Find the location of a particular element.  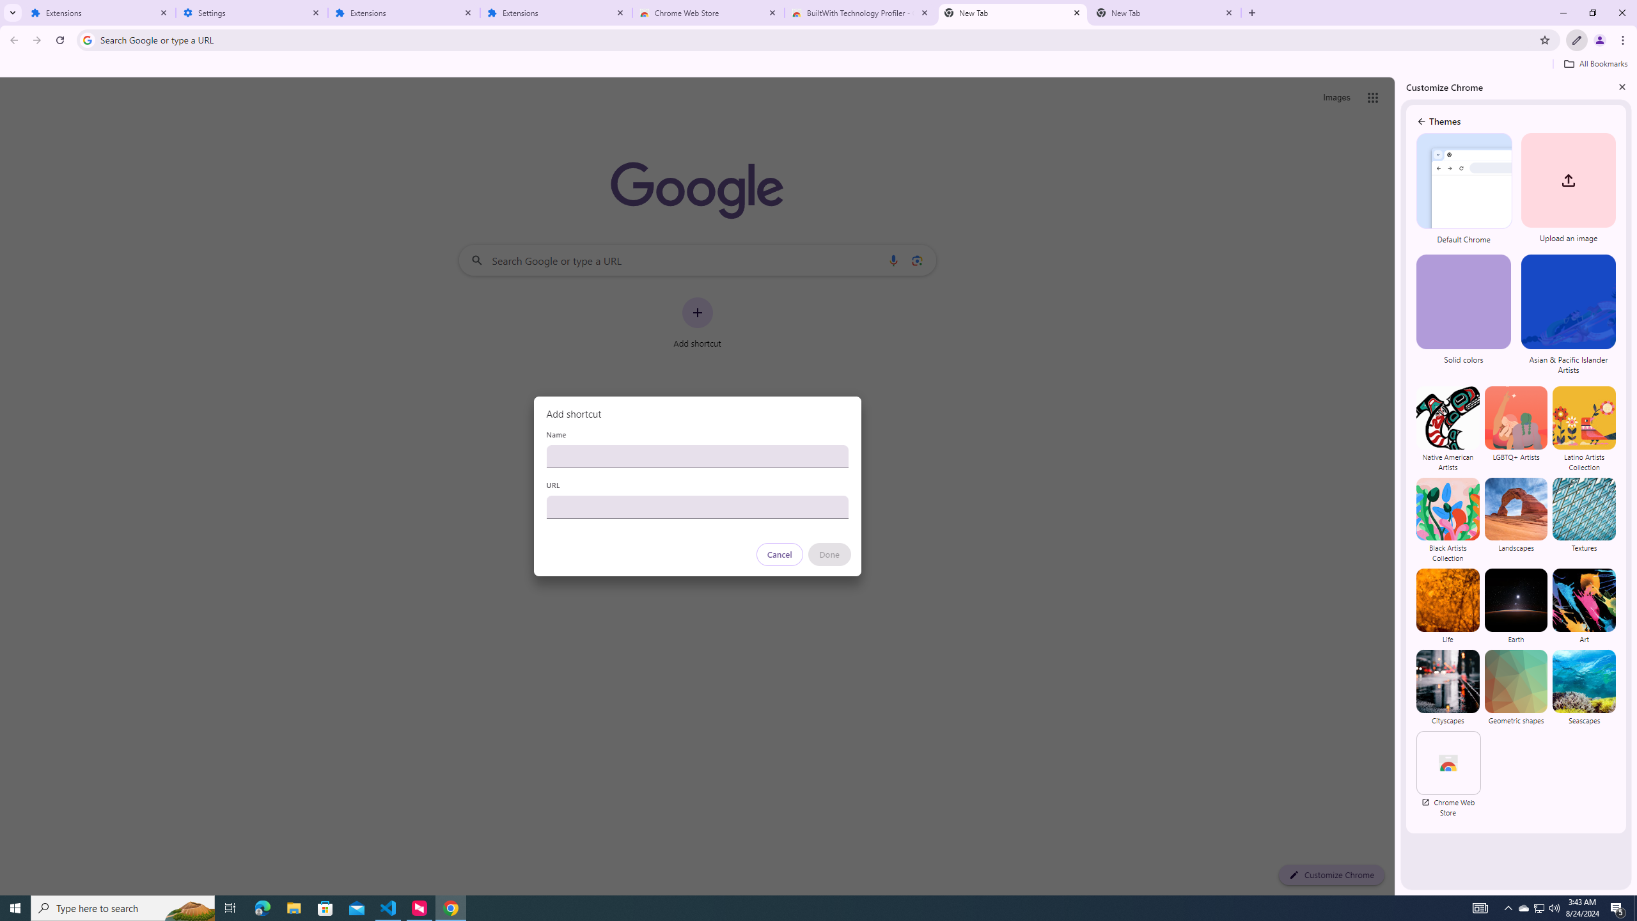

'Upload an image' is located at coordinates (1566, 189).